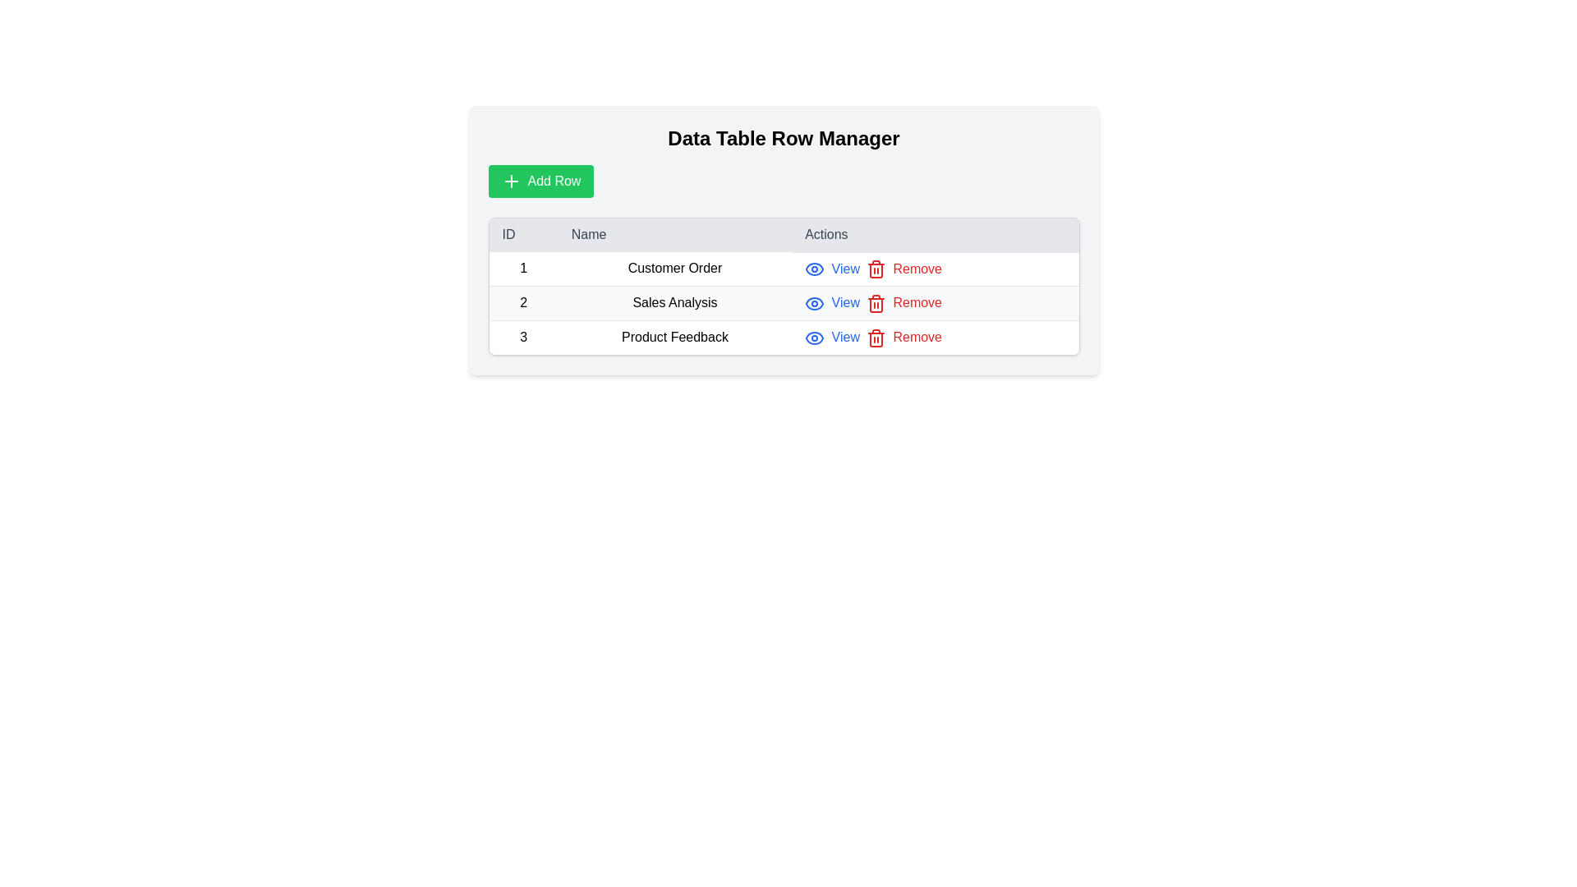  I want to click on text of the displayed labels in the Table Header Row, which is the first row within the data table located beneath the 'Add Row' button and the 'Data Table Row Manager' title, so click(783, 235).